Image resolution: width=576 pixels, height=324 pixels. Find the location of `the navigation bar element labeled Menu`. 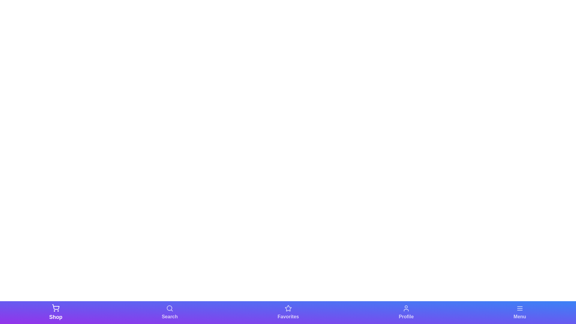

the navigation bar element labeled Menu is located at coordinates (519, 312).